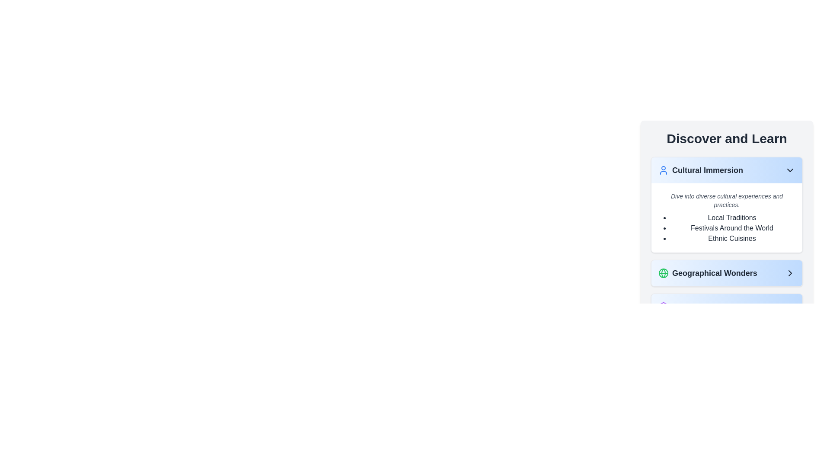 Image resolution: width=830 pixels, height=467 pixels. Describe the element at coordinates (663, 170) in the screenshot. I see `the decorative icon indicating the 'Cultural Immersion' category, located to the left of the 'Cultural Immersion' header in the 'Discover and Learn' section` at that location.